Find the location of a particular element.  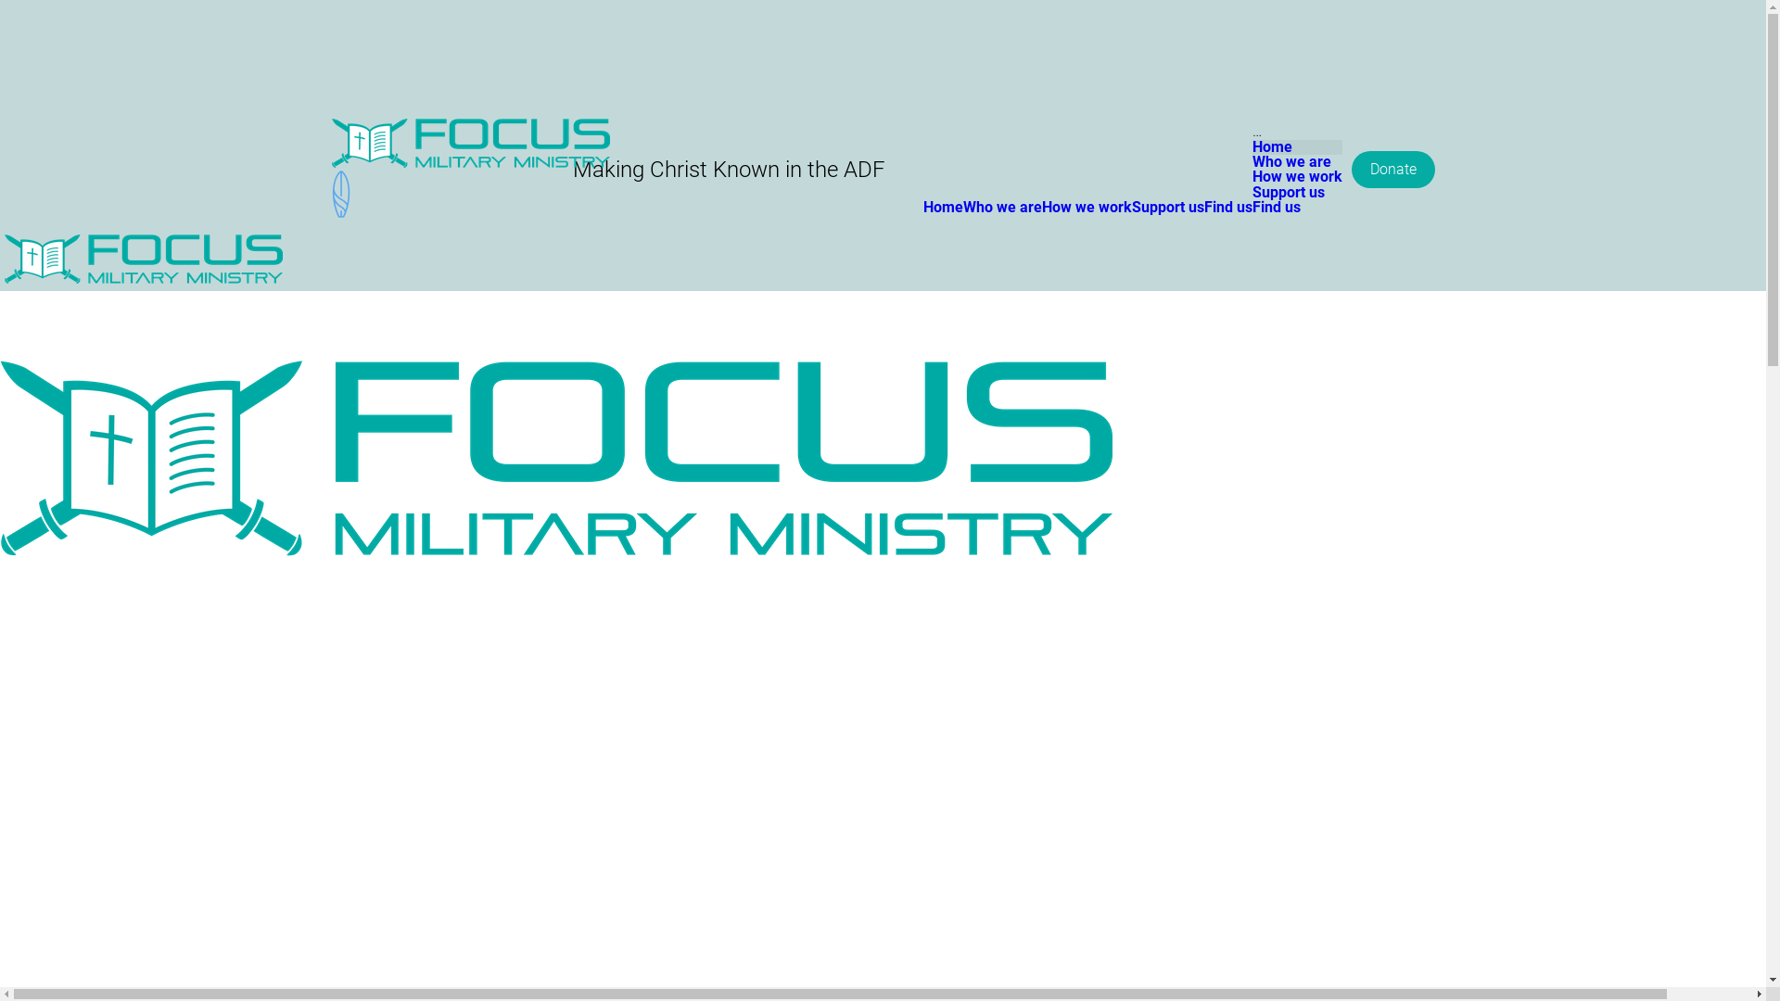

'Find us' is located at coordinates (1251, 207).